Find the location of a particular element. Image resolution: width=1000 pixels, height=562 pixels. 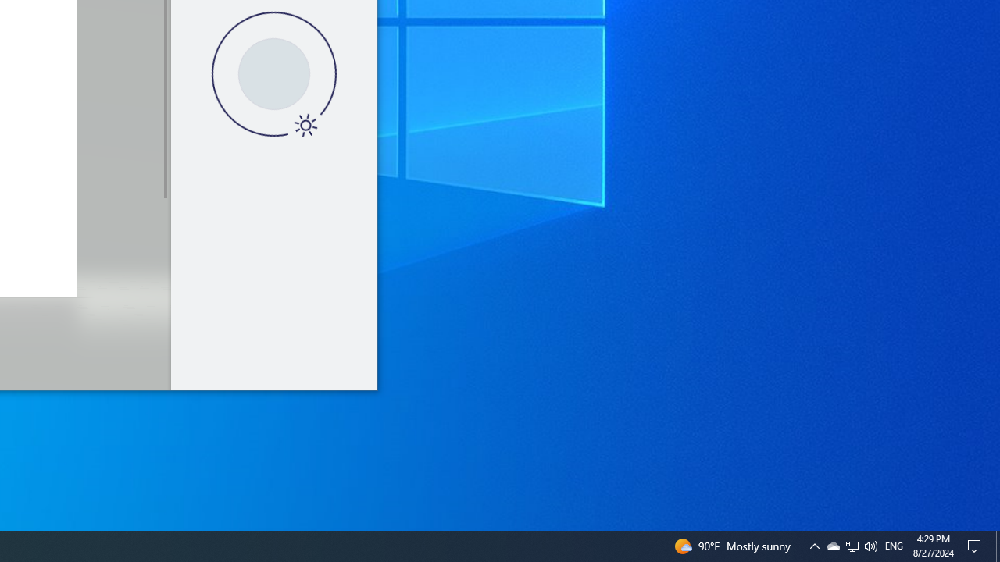

'Show desktop' is located at coordinates (997, 545).